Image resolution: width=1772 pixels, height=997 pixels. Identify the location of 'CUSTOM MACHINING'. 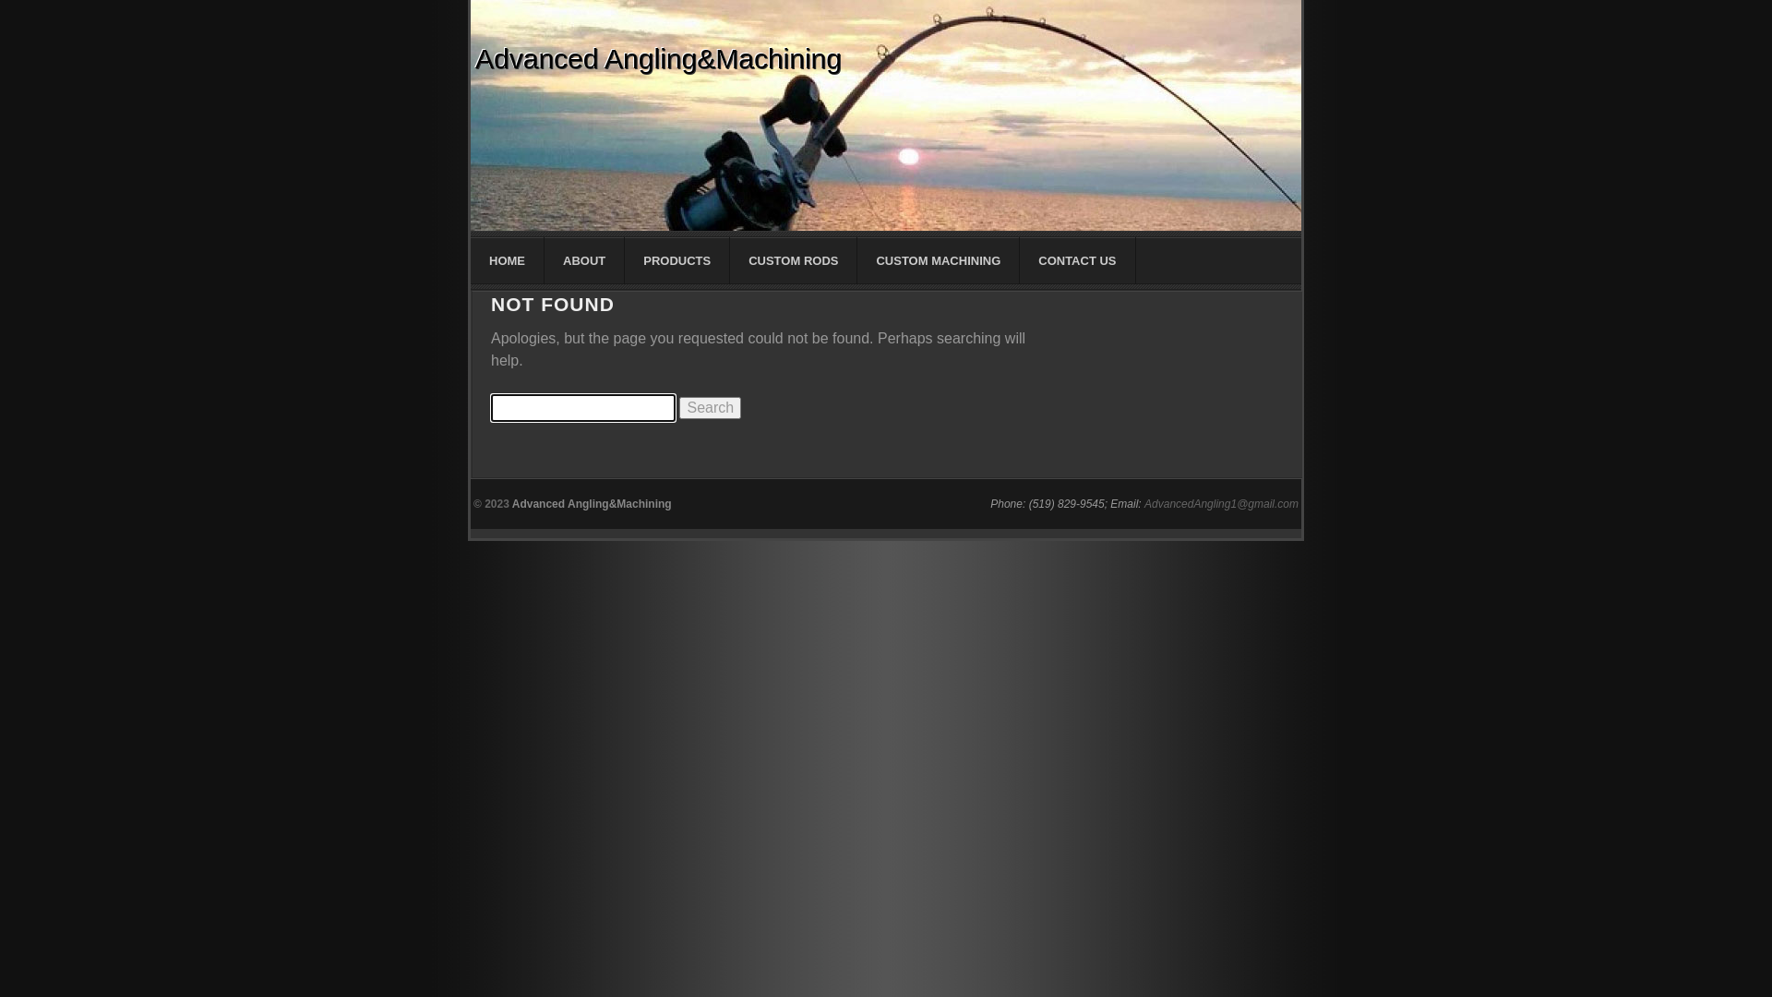
(856, 260).